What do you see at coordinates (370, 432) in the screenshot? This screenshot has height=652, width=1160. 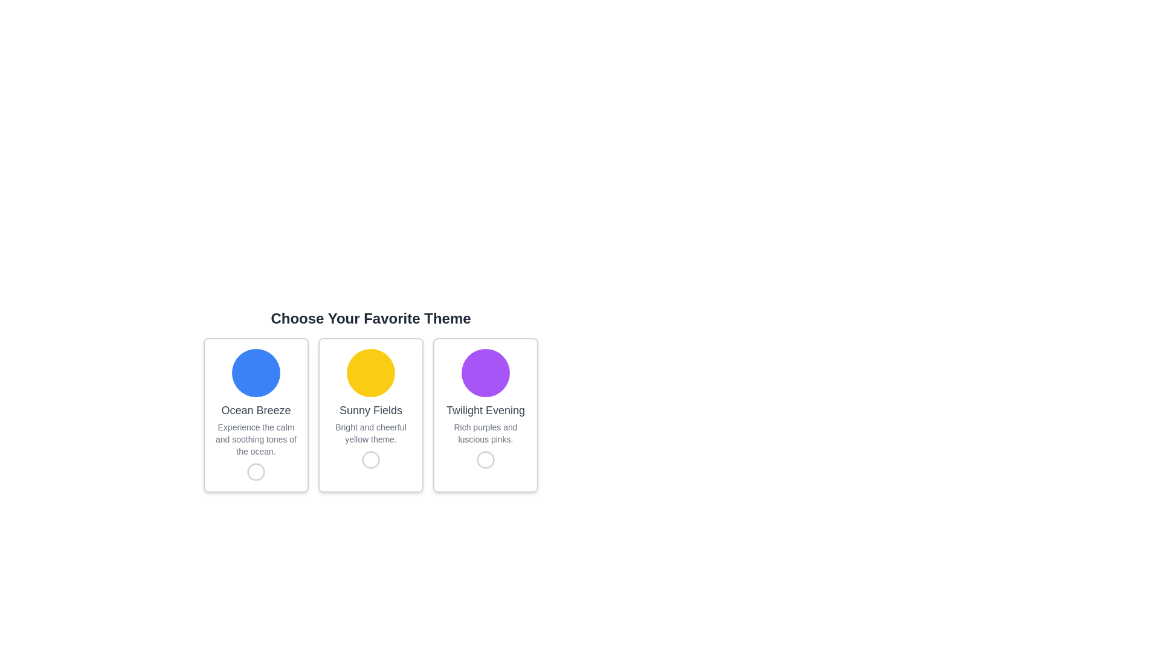 I see `the text label displaying 'Bright and cheerful yellow theme' situated below the 'Sunny Fields' title in the central card of the three-card layout` at bounding box center [370, 432].